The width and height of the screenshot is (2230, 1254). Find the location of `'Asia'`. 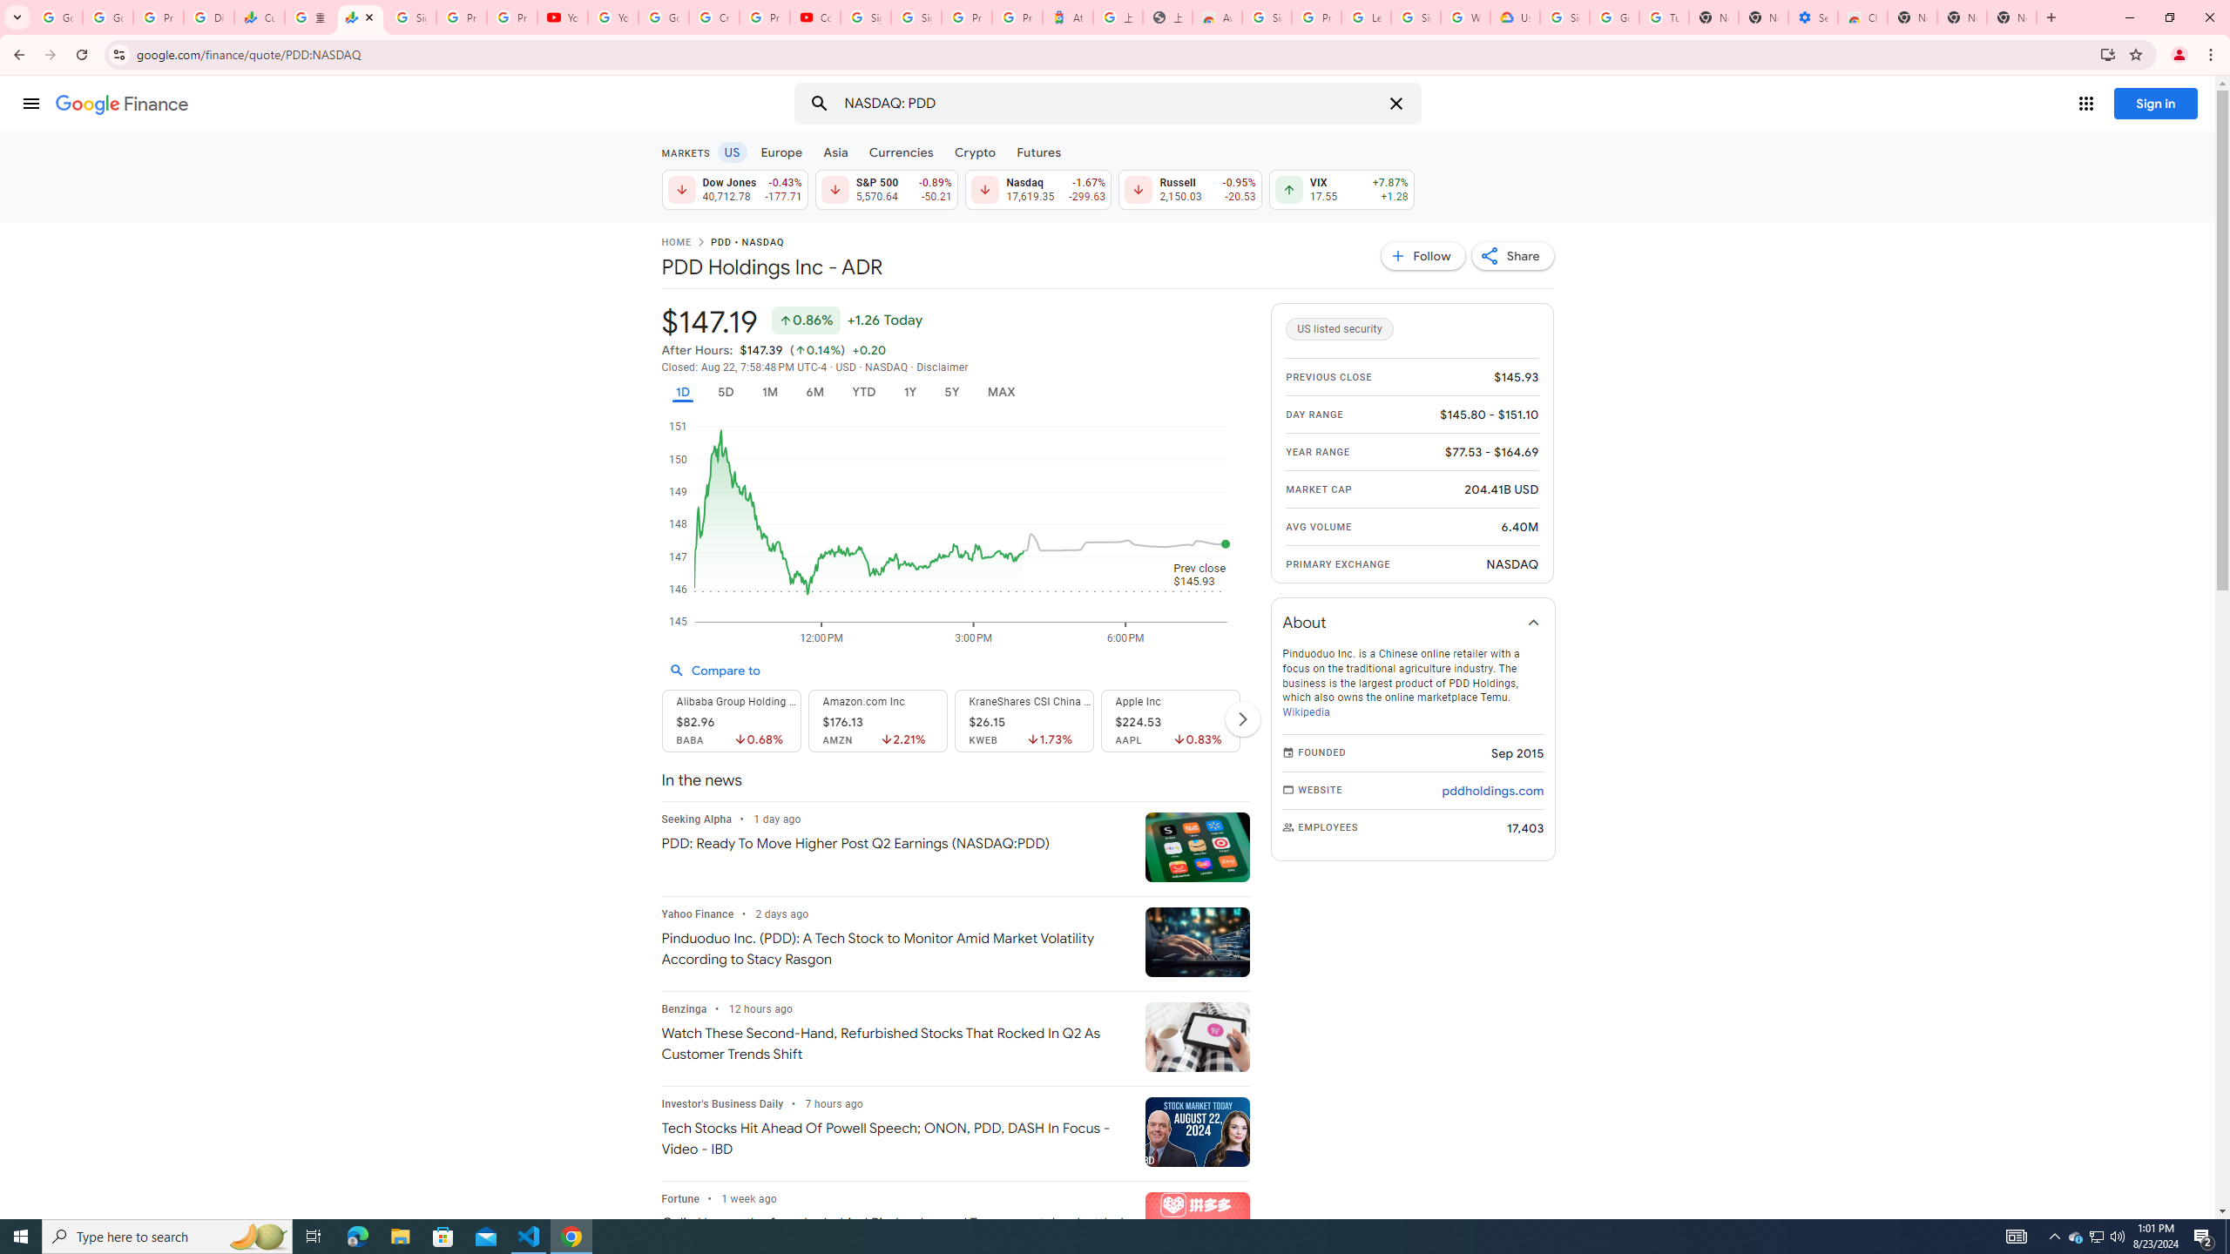

'Asia' is located at coordinates (835, 151).